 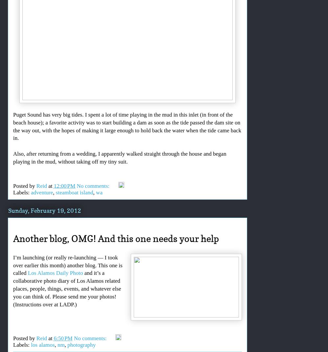 I want to click on 'and it’s a collaborative photo diary of Los Alamos related places, people, things, events, and whatever else you can think of. Please send me your photos! (Instructions over at LADP.)', so click(x=67, y=289).